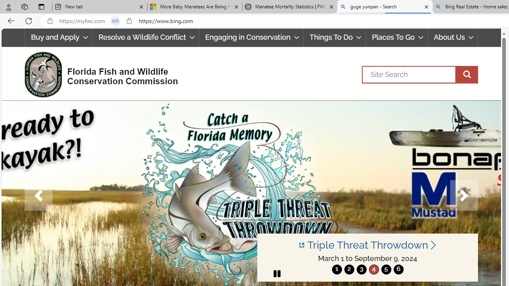 Image resolution: width=509 pixels, height=286 pixels. Describe the element at coordinates (396, 37) in the screenshot. I see `'Places To Go'` at that location.